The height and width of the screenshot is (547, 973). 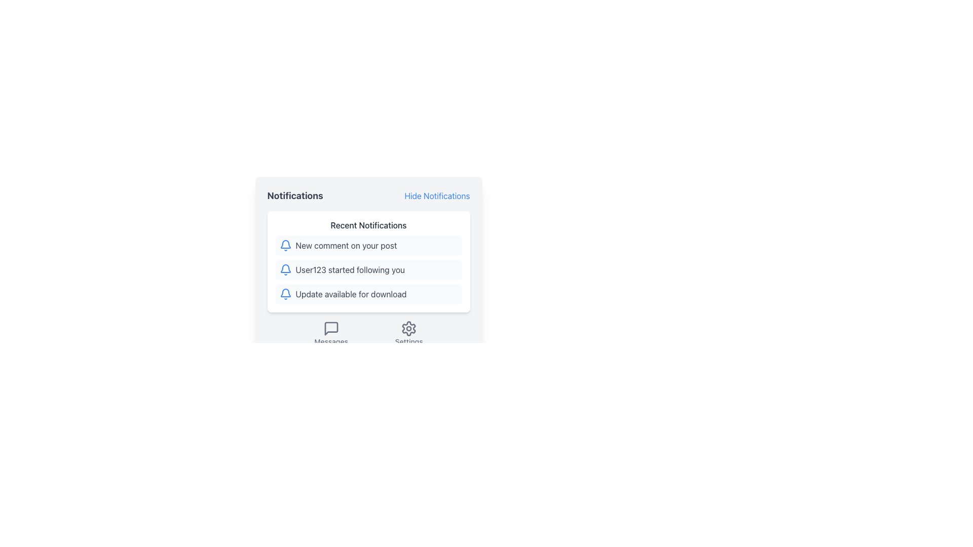 I want to click on title 'Notifications' from the title bar located at the top of the notifications section, so click(x=368, y=196).